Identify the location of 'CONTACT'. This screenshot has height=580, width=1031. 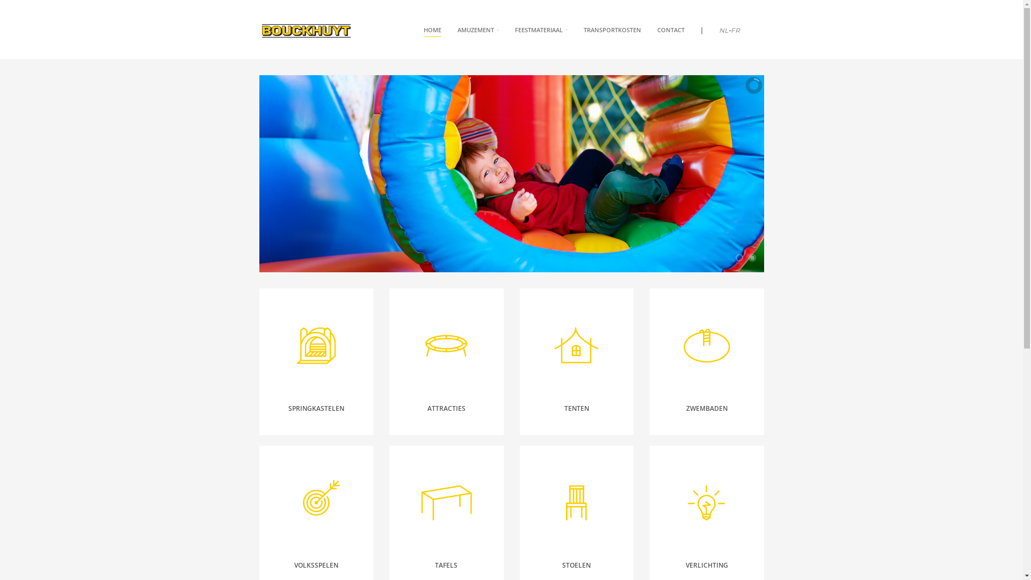
(670, 30).